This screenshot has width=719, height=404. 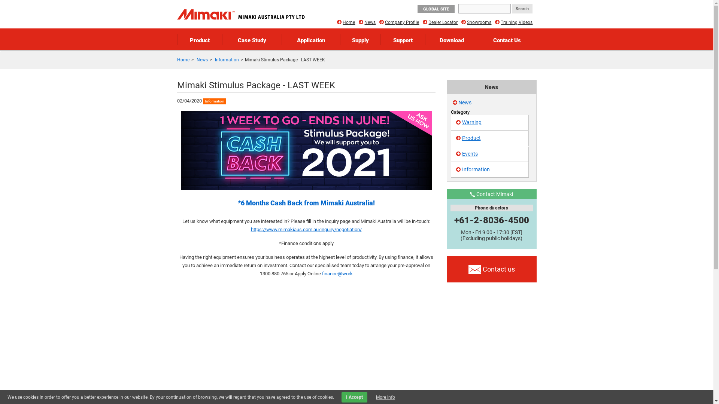 I want to click on 'Home', so click(x=176, y=59).